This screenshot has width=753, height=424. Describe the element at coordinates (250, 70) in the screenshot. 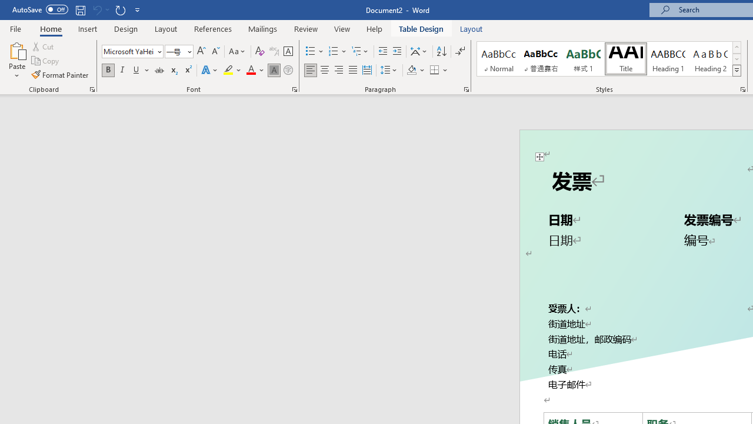

I see `'Font Color RGB(255, 0, 0)'` at that location.